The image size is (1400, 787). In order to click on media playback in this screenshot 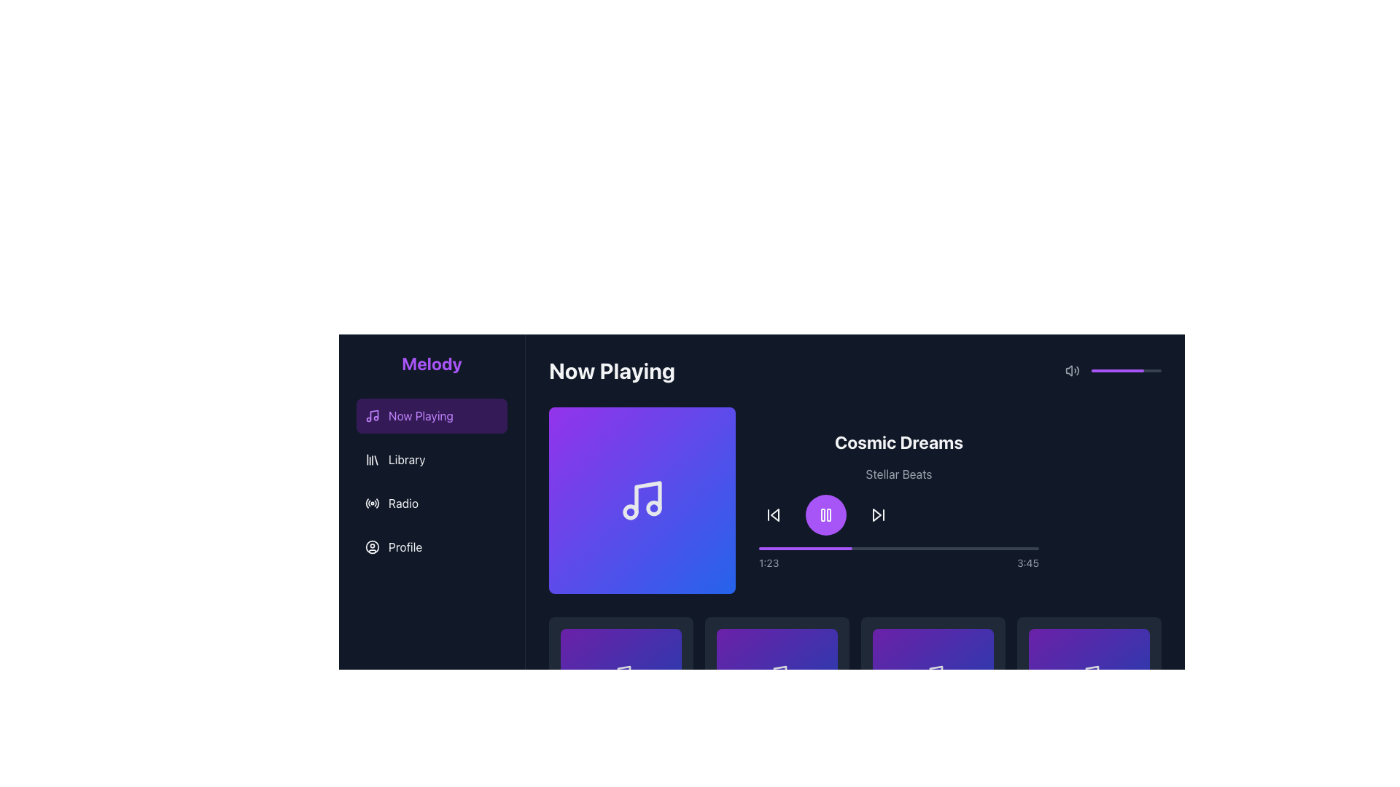, I will do `click(928, 548)`.